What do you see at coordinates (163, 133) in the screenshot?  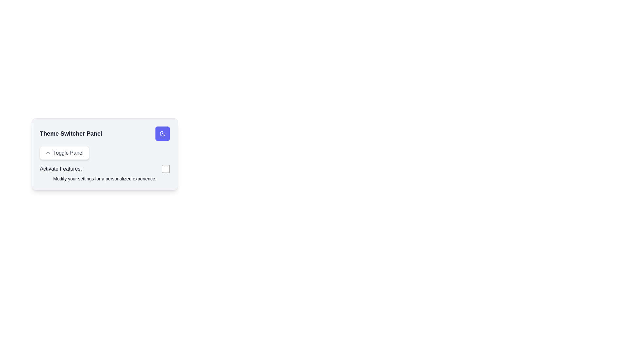 I see `the square button with rounded corners filled with an indigo background and a white crescent moon icon` at bounding box center [163, 133].